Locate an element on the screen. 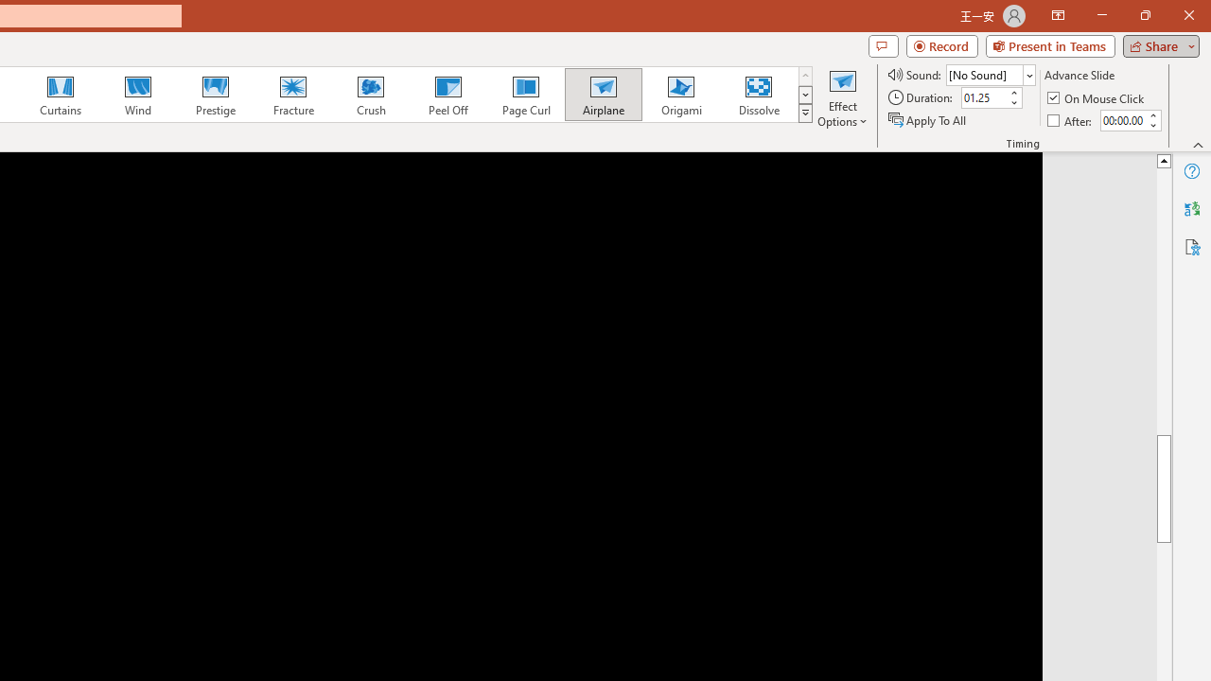  'On Mouse Click' is located at coordinates (1097, 97).